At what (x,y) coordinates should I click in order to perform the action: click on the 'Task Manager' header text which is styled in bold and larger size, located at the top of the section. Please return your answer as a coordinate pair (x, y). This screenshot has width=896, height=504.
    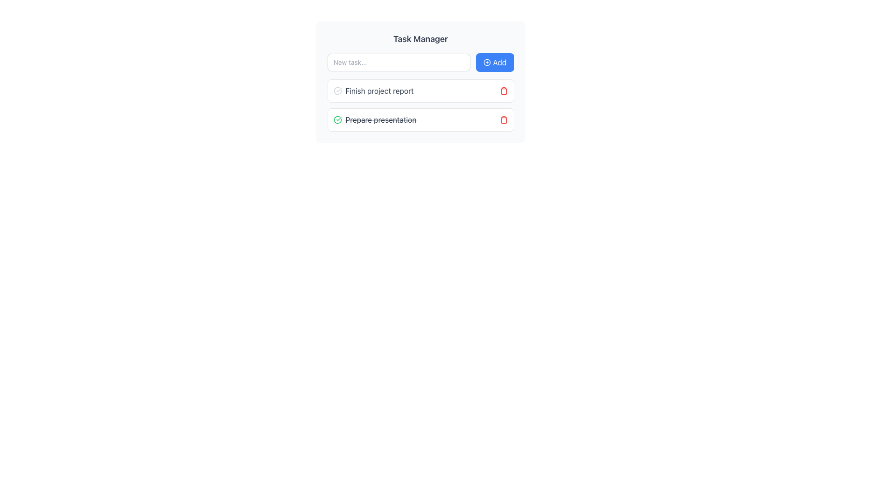
    Looking at the image, I should click on (420, 39).